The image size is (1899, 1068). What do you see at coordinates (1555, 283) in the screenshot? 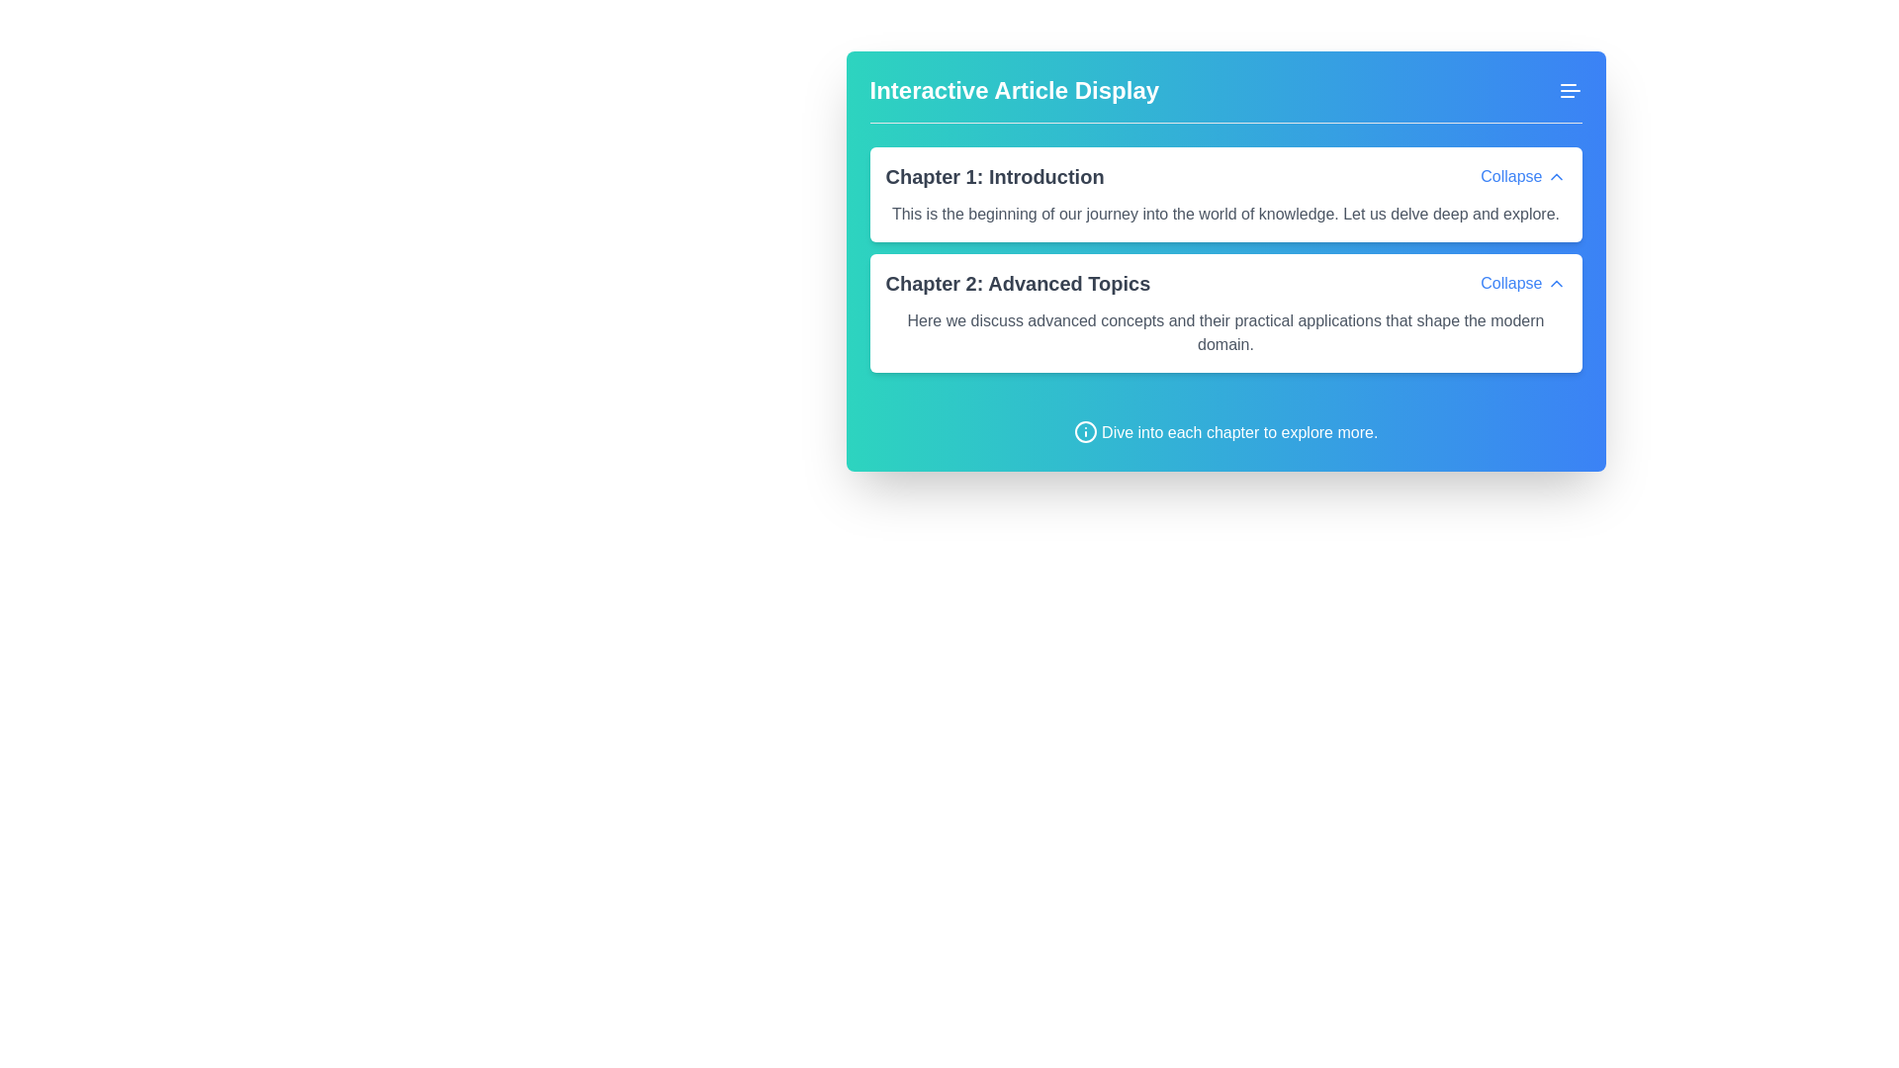
I see `the collapse icon located in the upper-right corner of the second chapter's box, which serves as a visual indicator for collapsing content` at bounding box center [1555, 283].